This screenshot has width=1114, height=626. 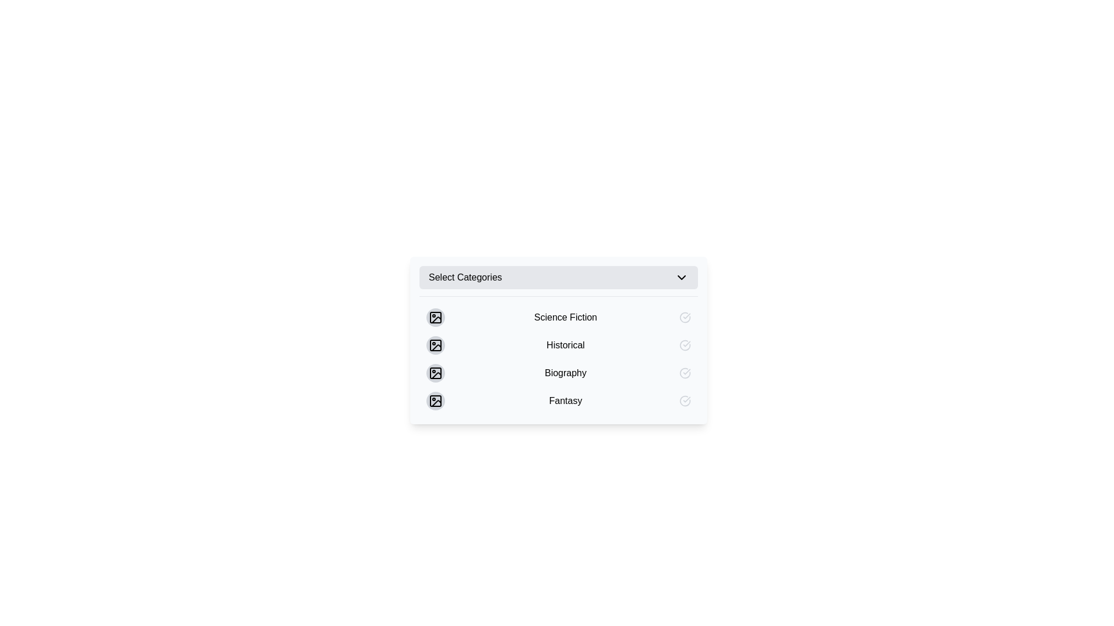 I want to click on the icon representing the 'Historical' category, which is the second item in the list of categories, so click(x=435, y=345).